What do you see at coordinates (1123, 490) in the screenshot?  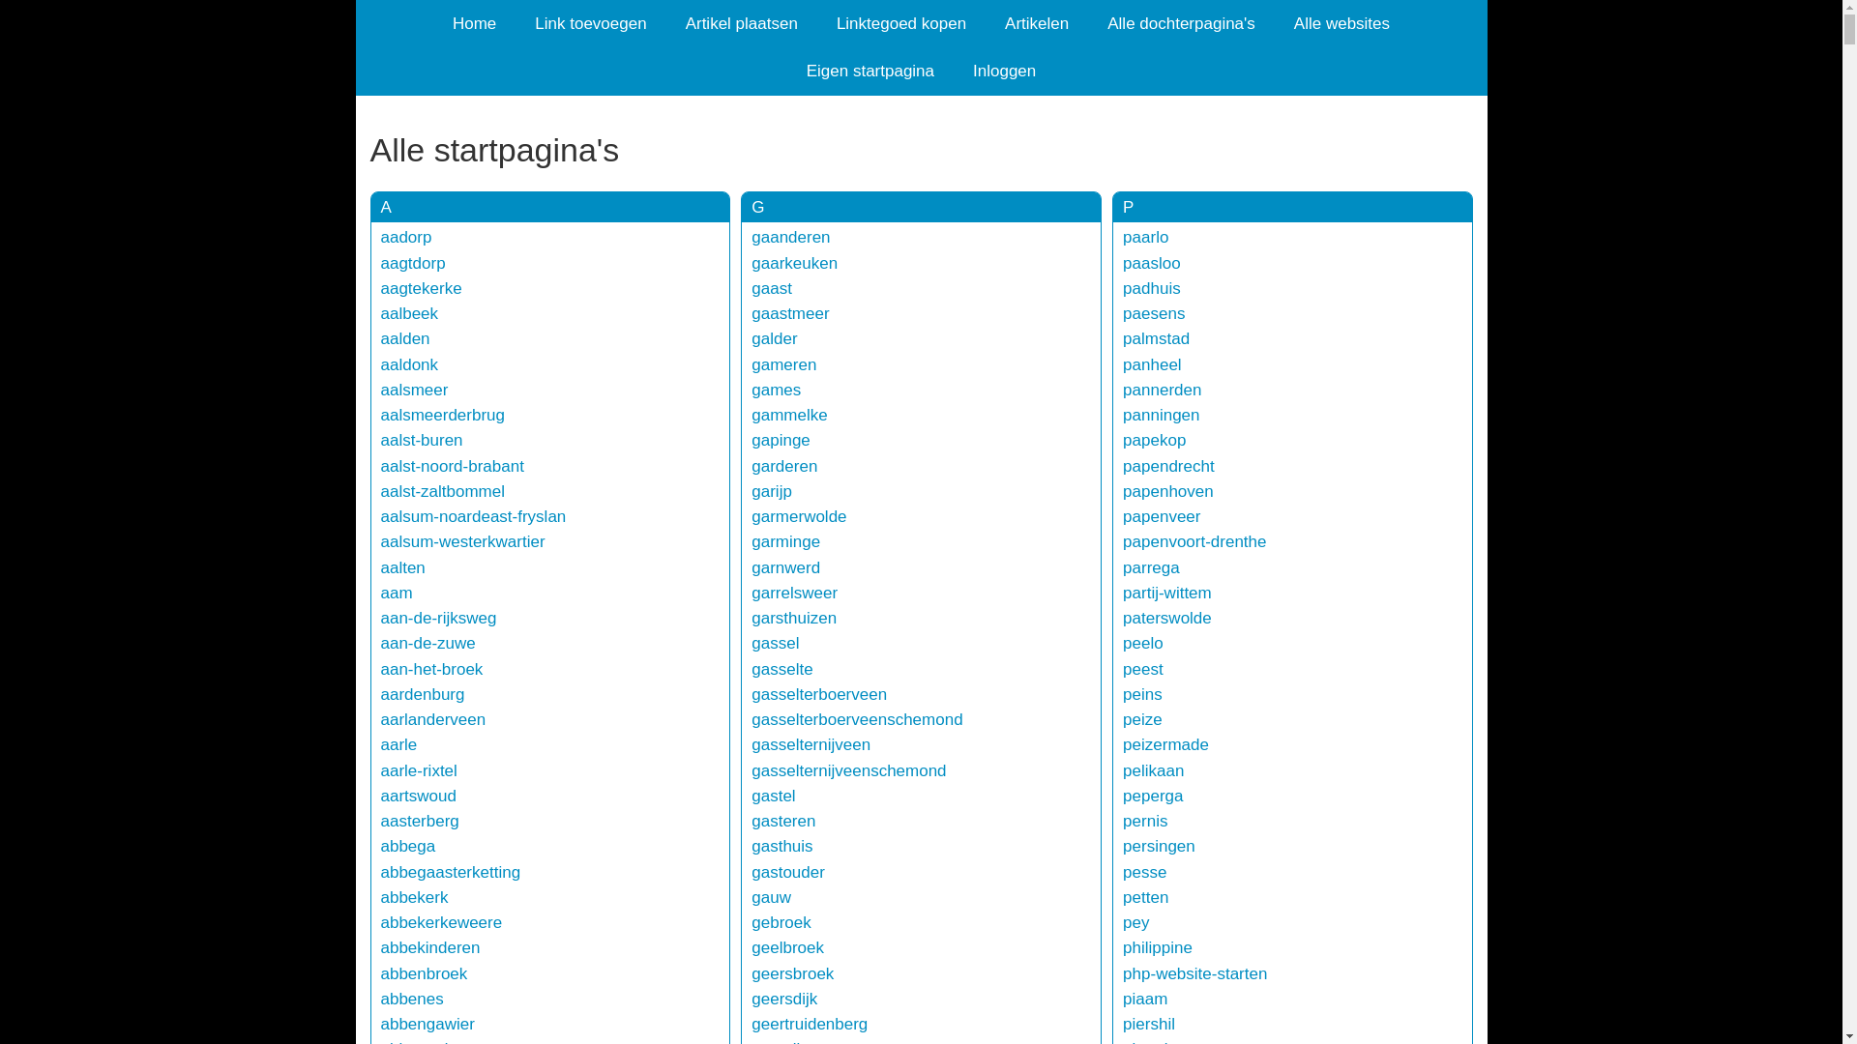 I see `'papenhoven'` at bounding box center [1123, 490].